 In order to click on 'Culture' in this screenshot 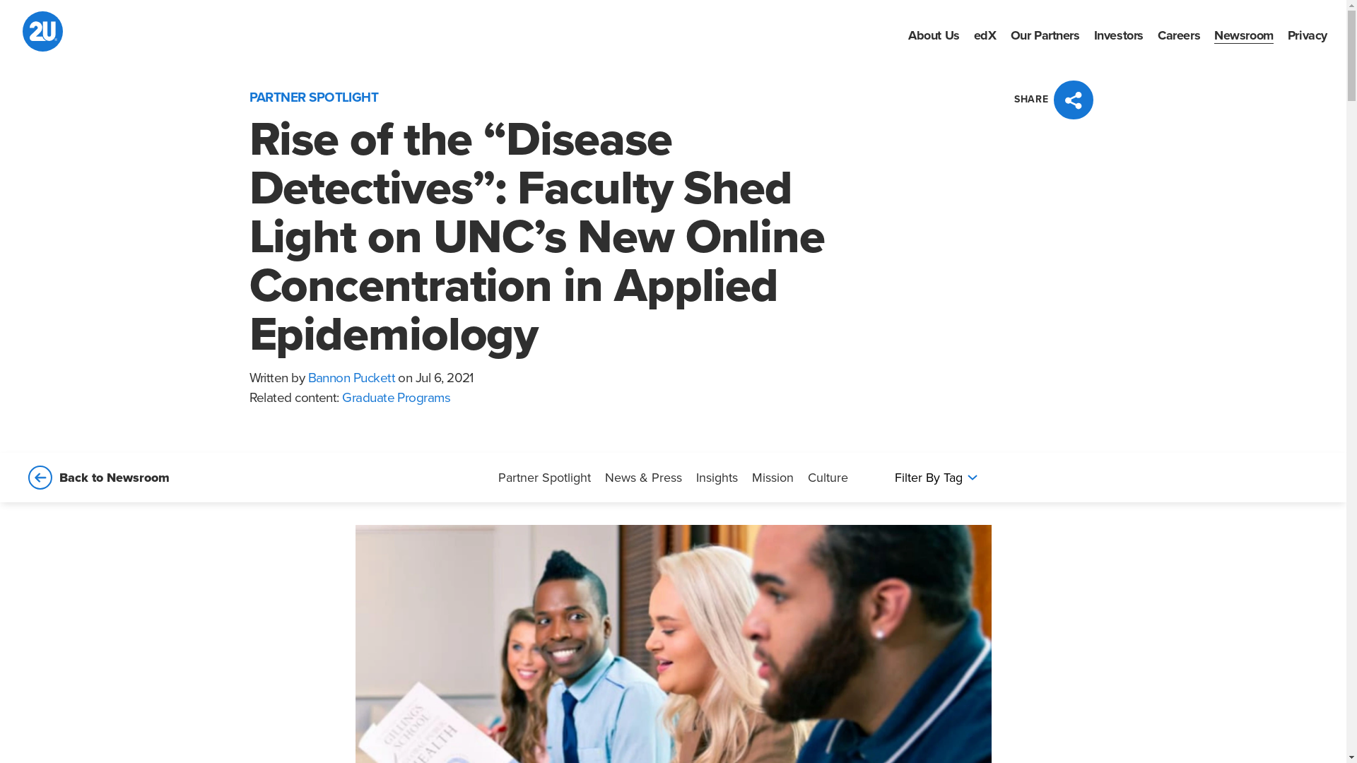, I will do `click(828, 477)`.